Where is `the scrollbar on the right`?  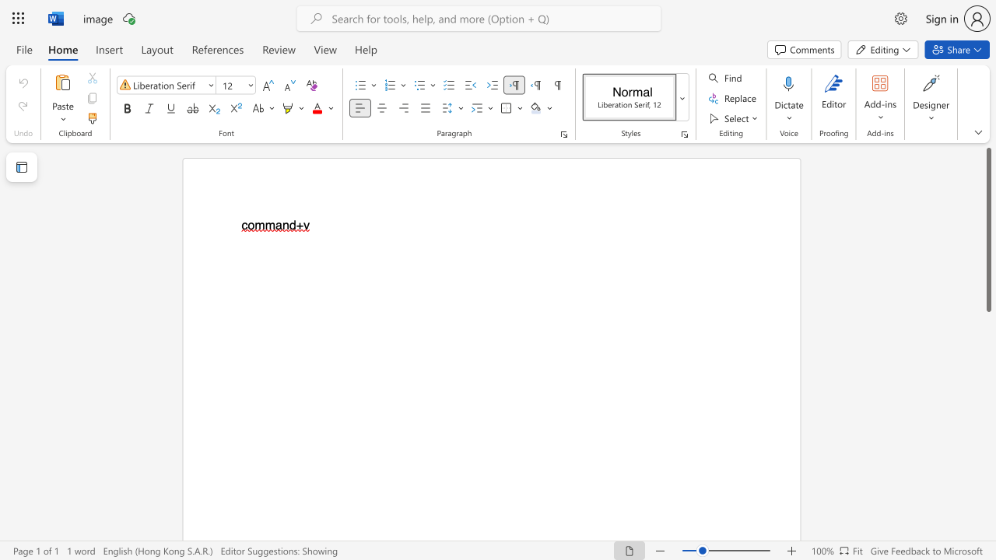
the scrollbar on the right is located at coordinates (987, 513).